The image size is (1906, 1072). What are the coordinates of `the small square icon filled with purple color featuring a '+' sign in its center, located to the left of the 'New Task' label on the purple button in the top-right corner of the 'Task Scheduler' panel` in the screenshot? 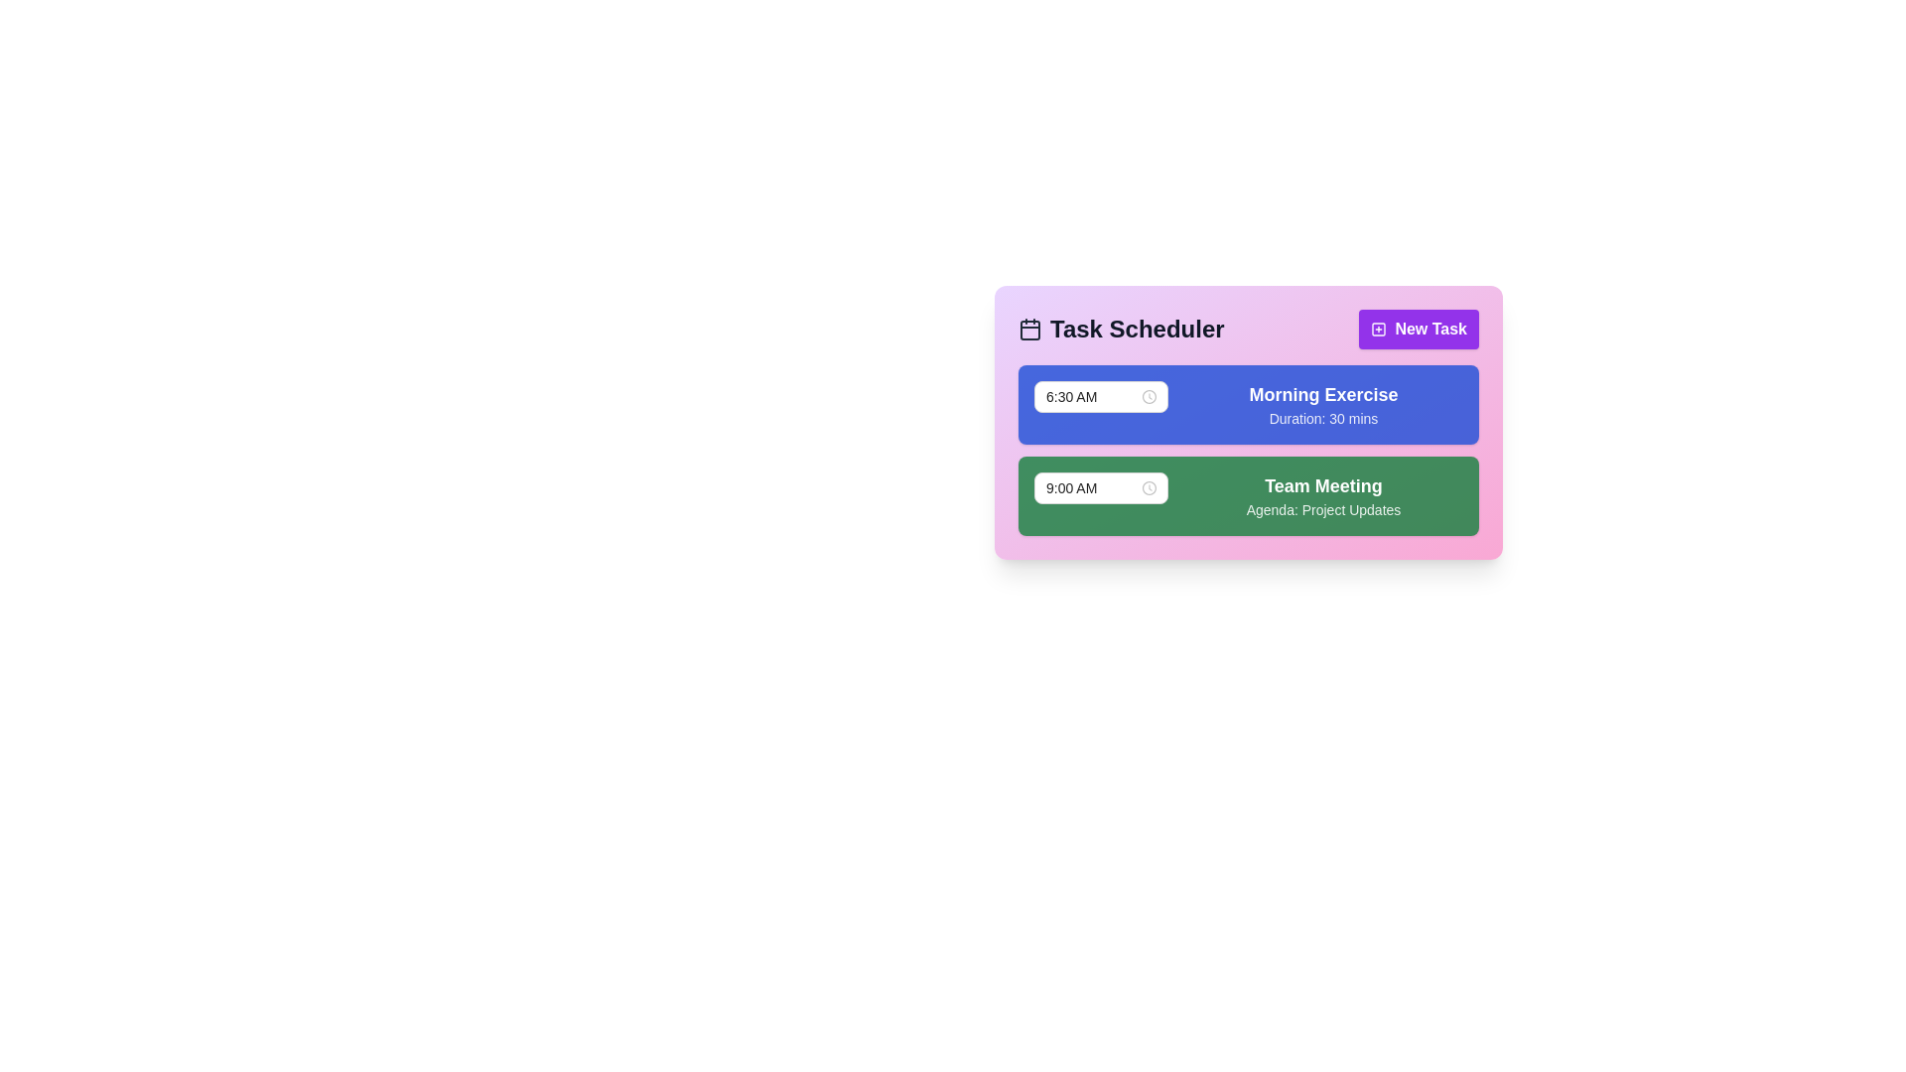 It's located at (1378, 328).